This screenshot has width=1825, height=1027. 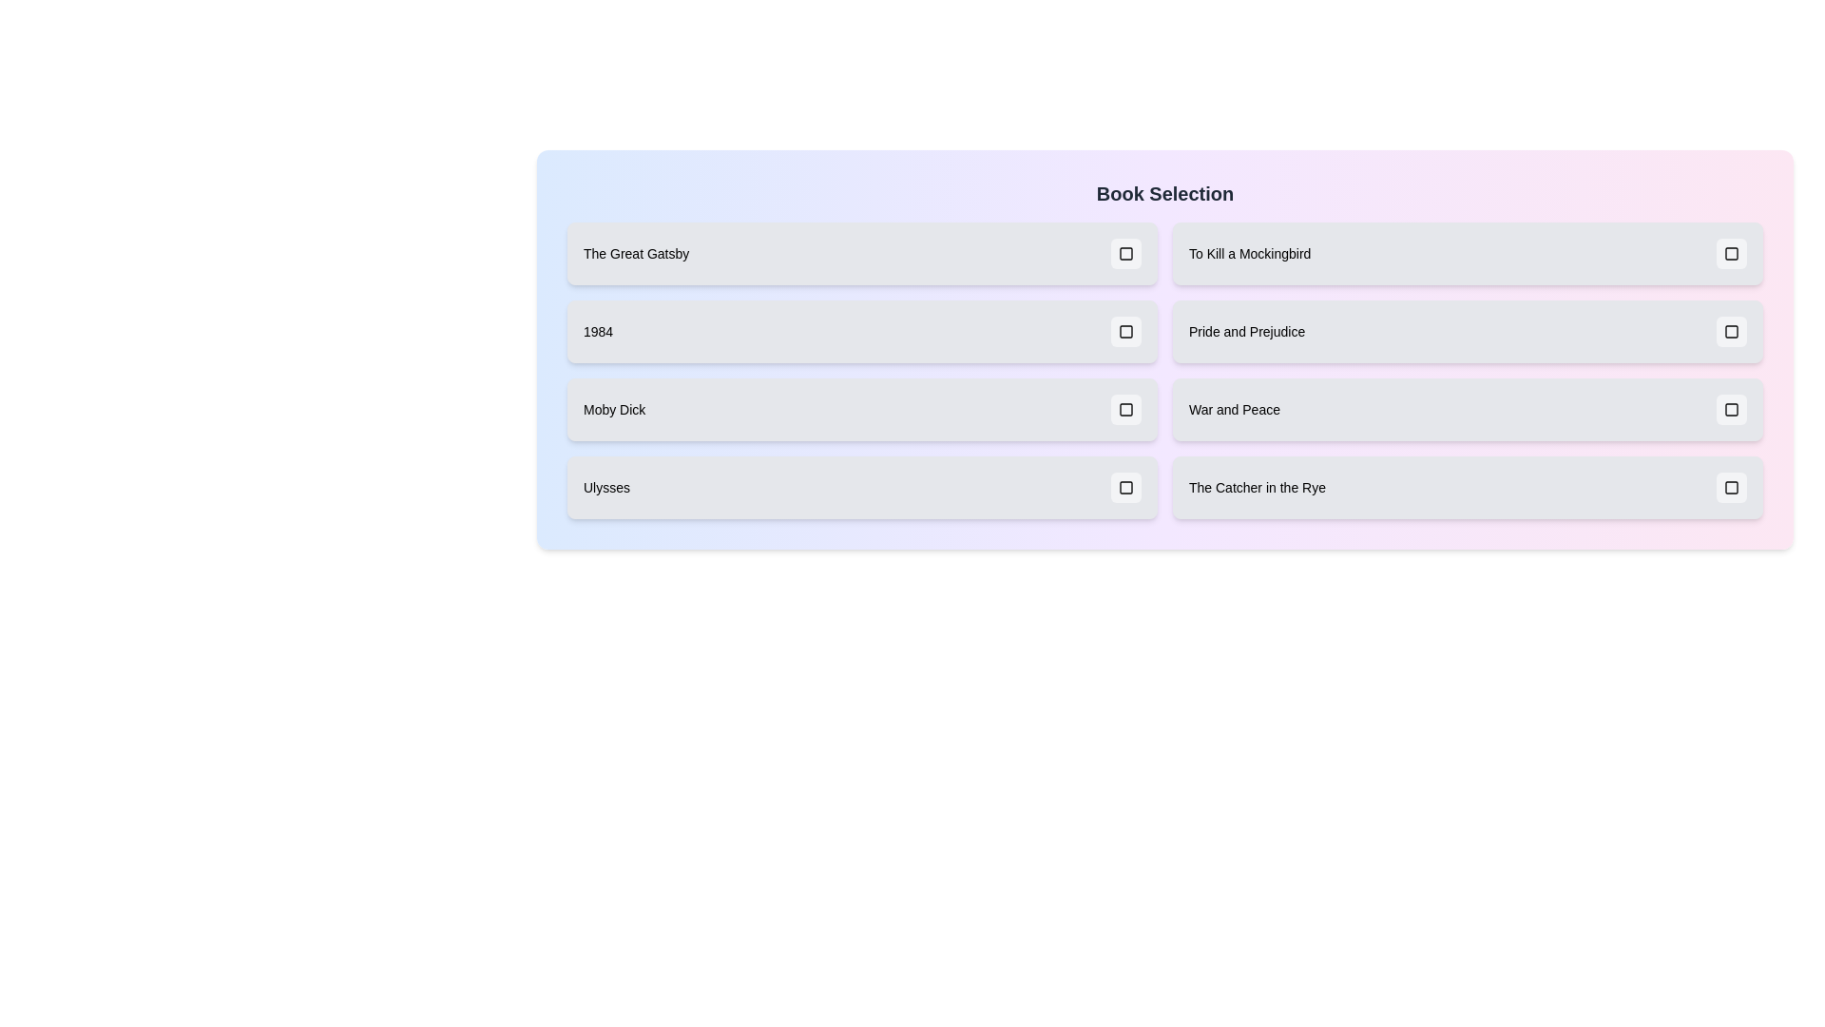 I want to click on the book item labeled 'Ulysses' to observe its visual transition, so click(x=861, y=487).